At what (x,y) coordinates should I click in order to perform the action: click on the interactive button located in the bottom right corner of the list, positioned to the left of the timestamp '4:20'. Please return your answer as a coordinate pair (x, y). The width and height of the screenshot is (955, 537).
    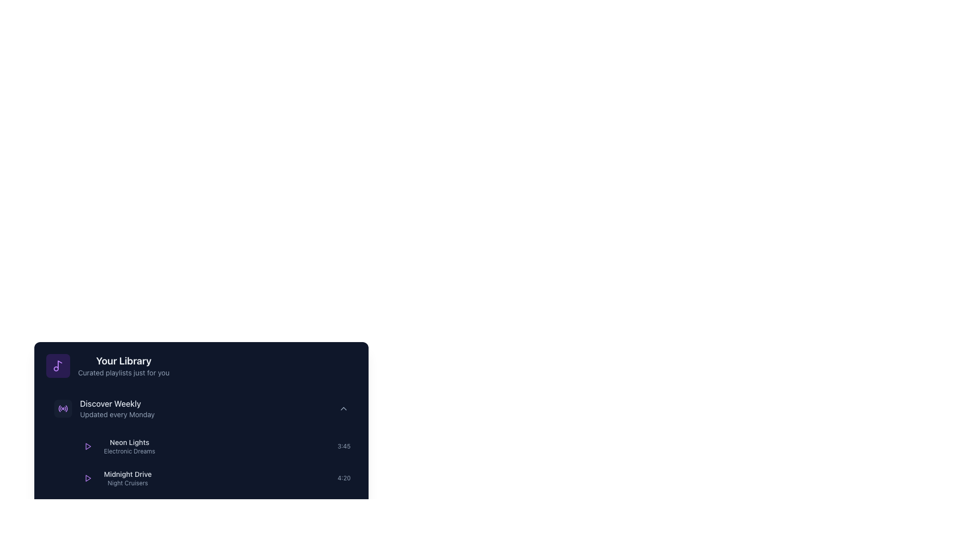
    Looking at the image, I should click on (325, 477).